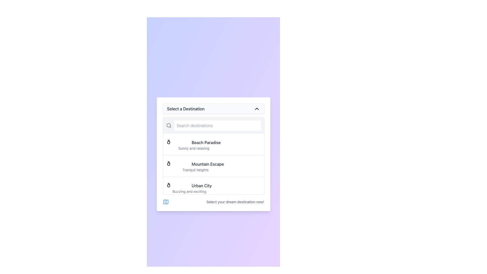  What do you see at coordinates (201, 186) in the screenshot?
I see `the 'Urban City' text label, which is styled in medium-weight gray font and is the second part of a grouped entry in a vertical list of destinations` at bounding box center [201, 186].